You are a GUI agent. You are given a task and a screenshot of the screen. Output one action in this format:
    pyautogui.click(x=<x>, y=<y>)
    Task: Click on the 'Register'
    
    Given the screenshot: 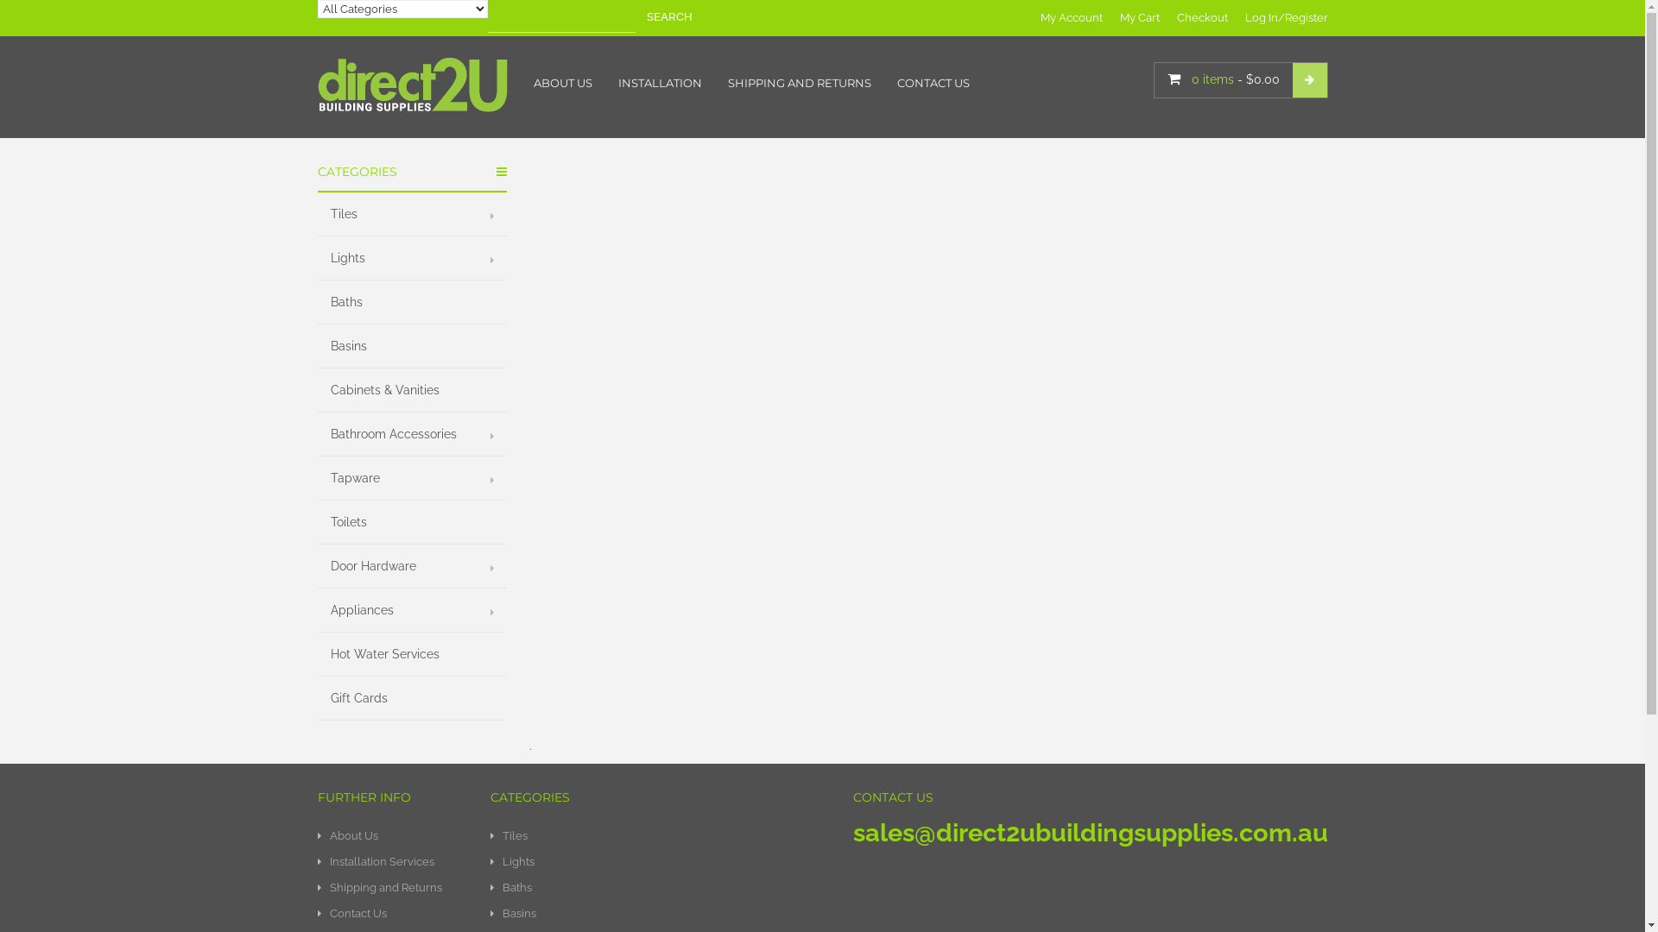 What is the action you would take?
    pyautogui.click(x=1306, y=17)
    